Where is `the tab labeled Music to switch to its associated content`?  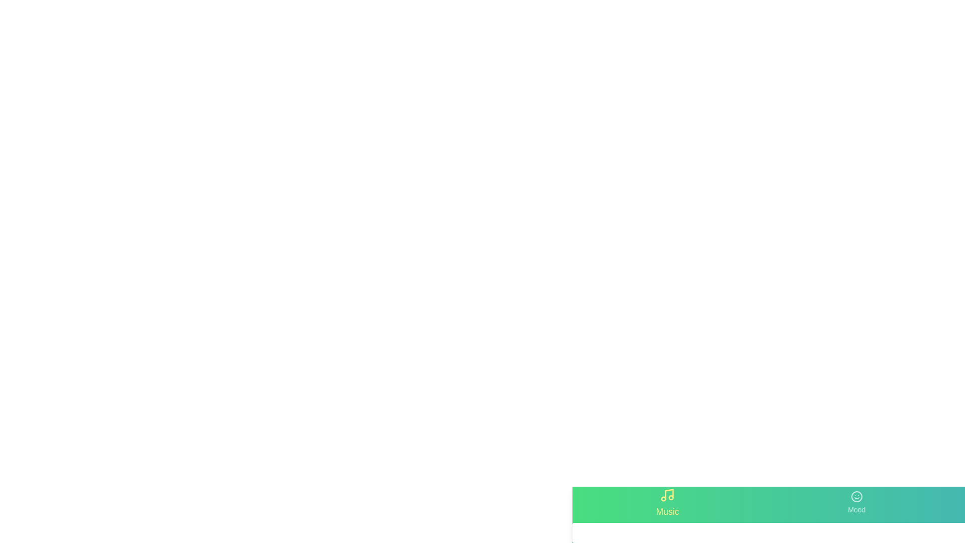 the tab labeled Music to switch to its associated content is located at coordinates (667, 502).